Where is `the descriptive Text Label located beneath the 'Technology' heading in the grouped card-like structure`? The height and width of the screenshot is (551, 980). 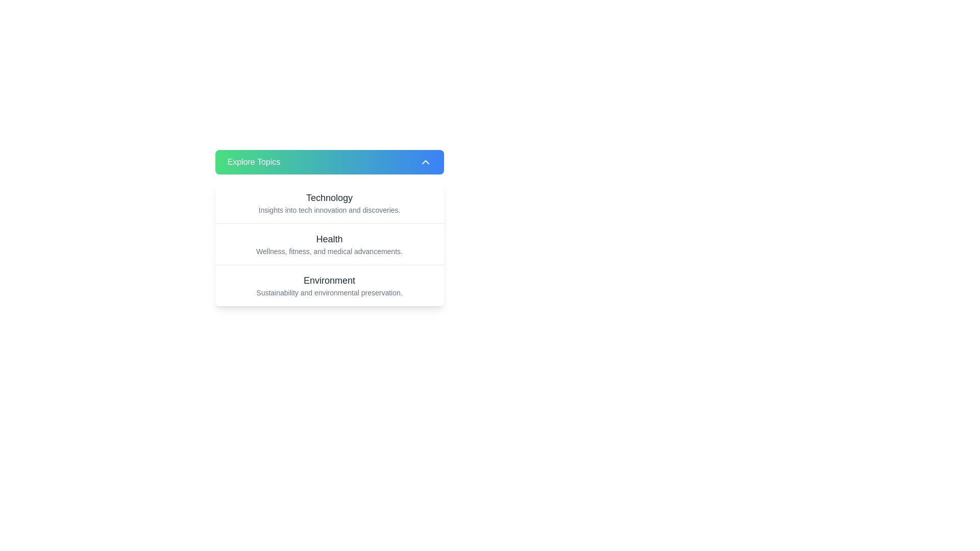 the descriptive Text Label located beneath the 'Technology' heading in the grouped card-like structure is located at coordinates (329, 210).